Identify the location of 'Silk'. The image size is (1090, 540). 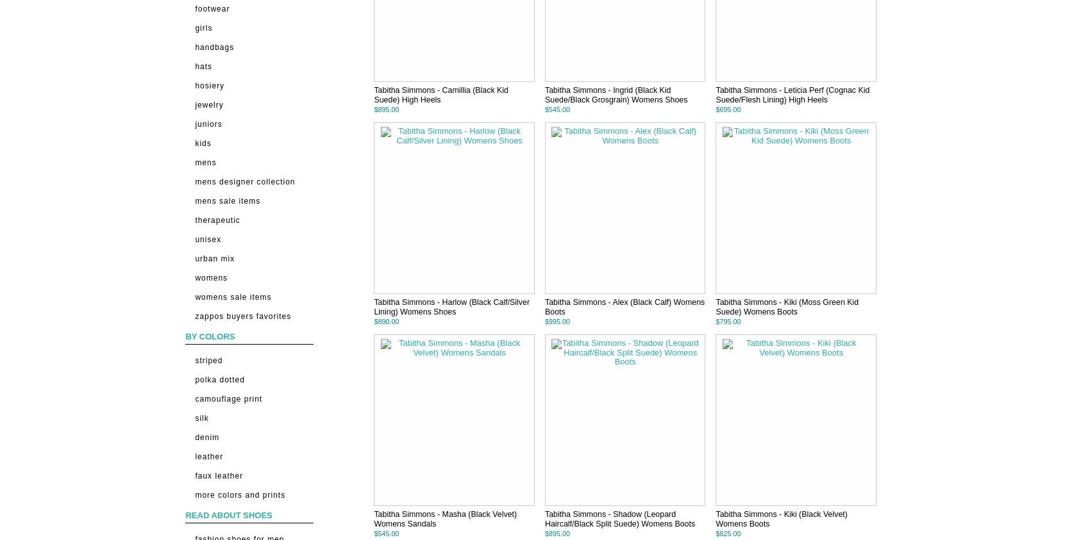
(201, 416).